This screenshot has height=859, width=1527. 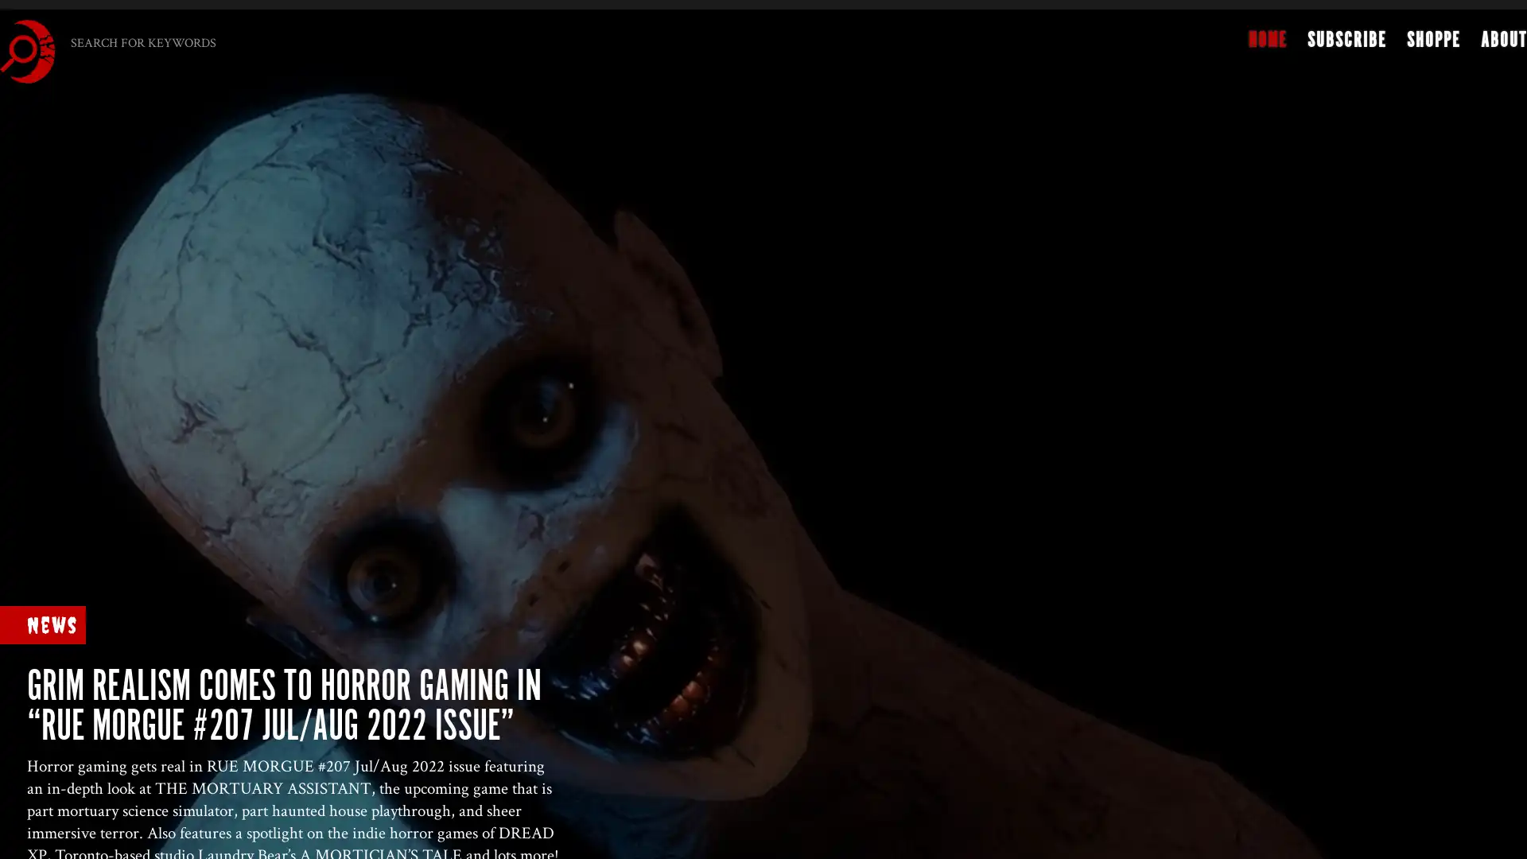 What do you see at coordinates (675, 414) in the screenshot?
I see `NO THANKS` at bounding box center [675, 414].